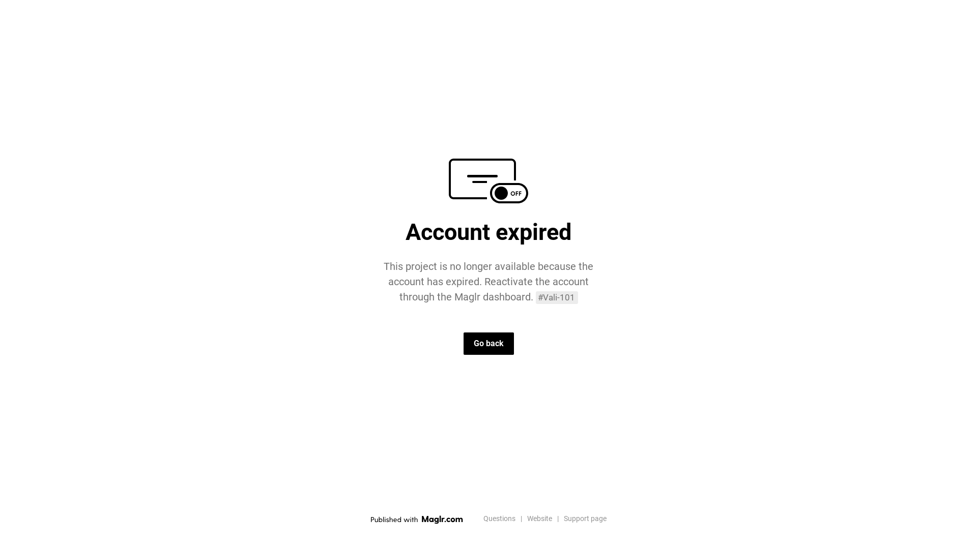 Image resolution: width=977 pixels, height=549 pixels. Describe the element at coordinates (585, 518) in the screenshot. I see `'Support page'` at that location.